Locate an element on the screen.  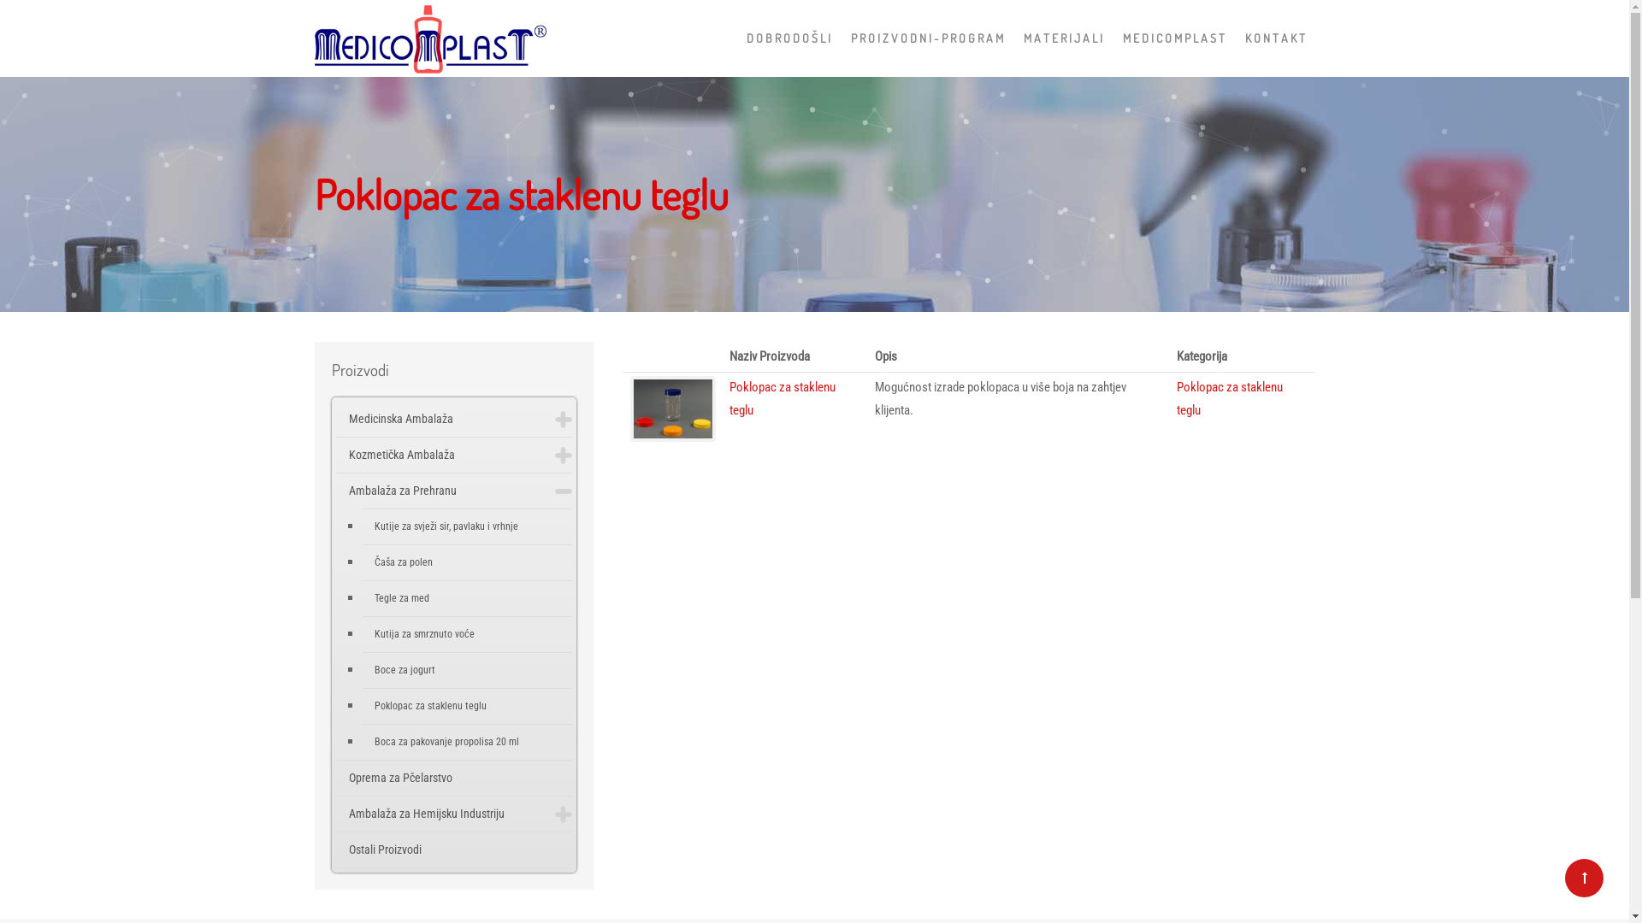
'Poklopac za staklenu teglu' is located at coordinates (1229, 398).